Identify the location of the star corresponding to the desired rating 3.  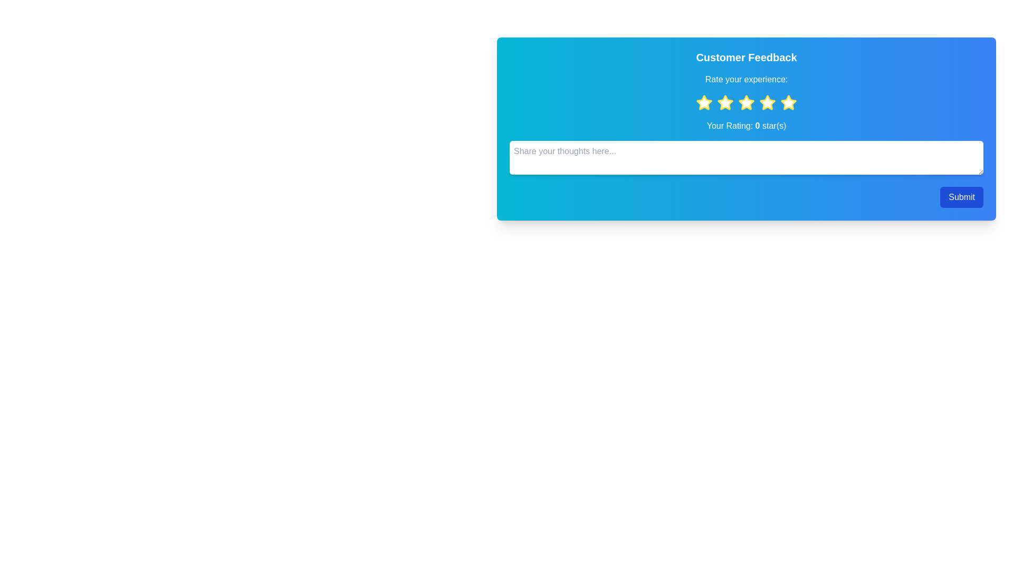
(746, 103).